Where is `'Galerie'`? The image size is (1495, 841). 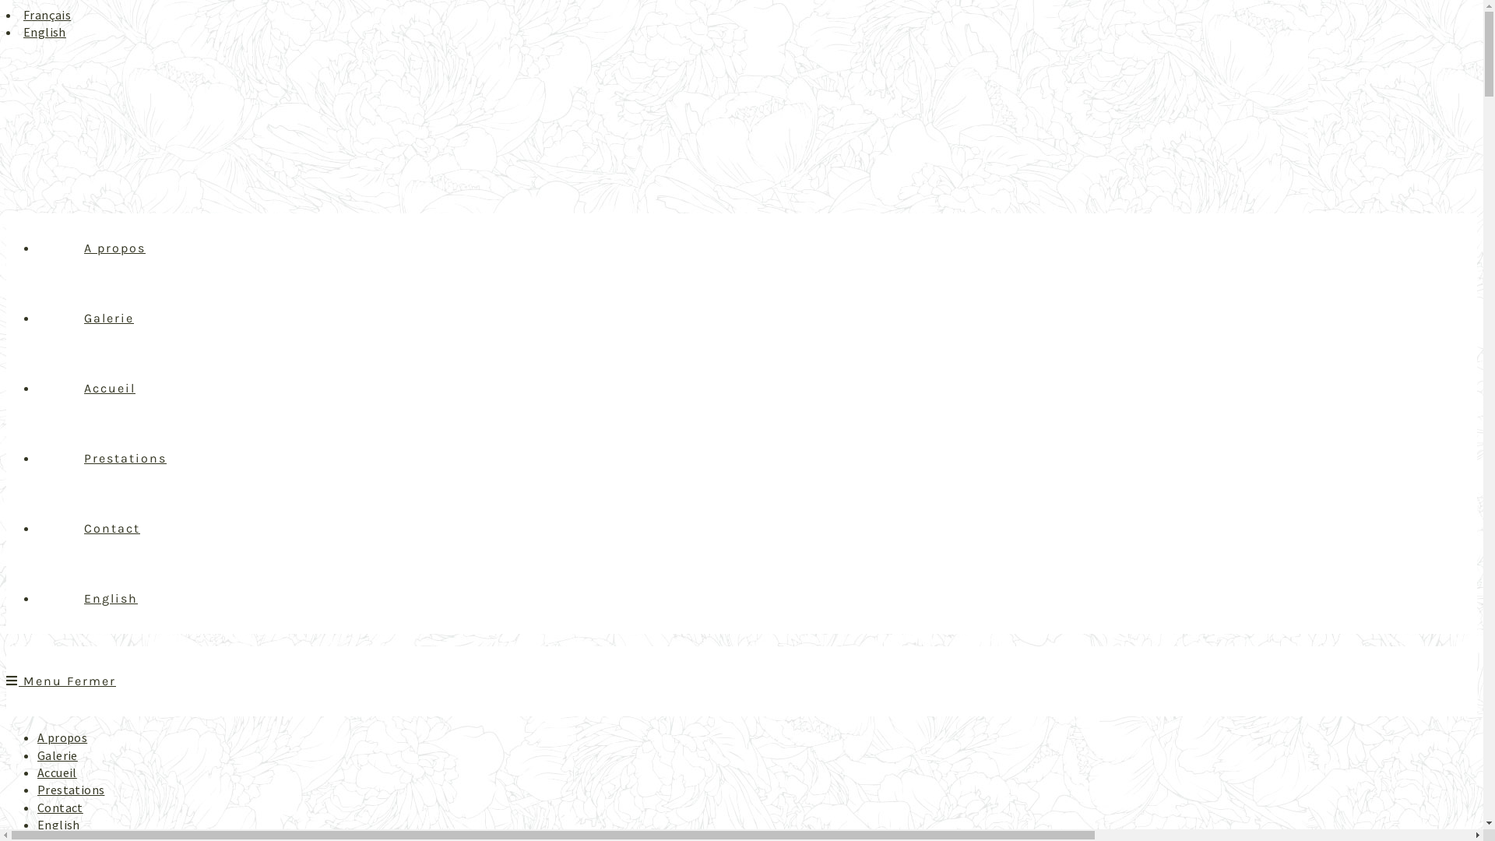
'Galerie' is located at coordinates (107, 317).